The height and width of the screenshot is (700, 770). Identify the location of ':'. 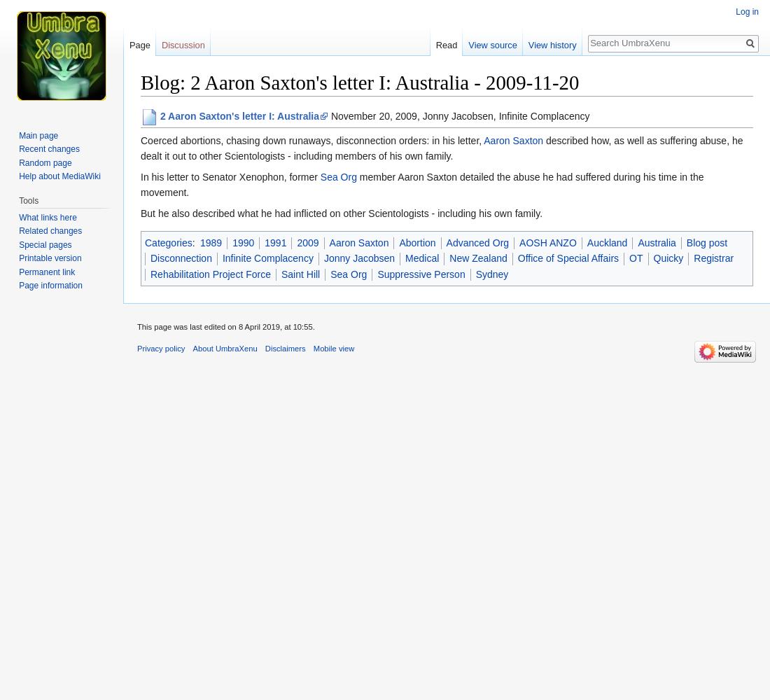
(193, 241).